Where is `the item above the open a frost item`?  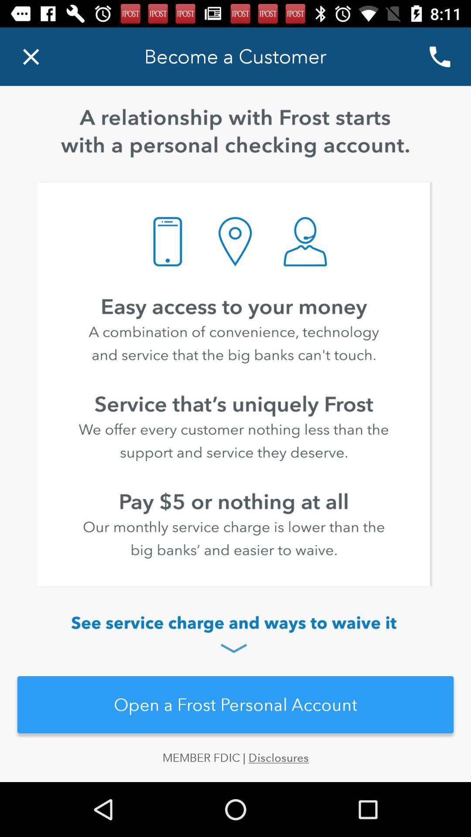 the item above the open a frost item is located at coordinates (235, 636).